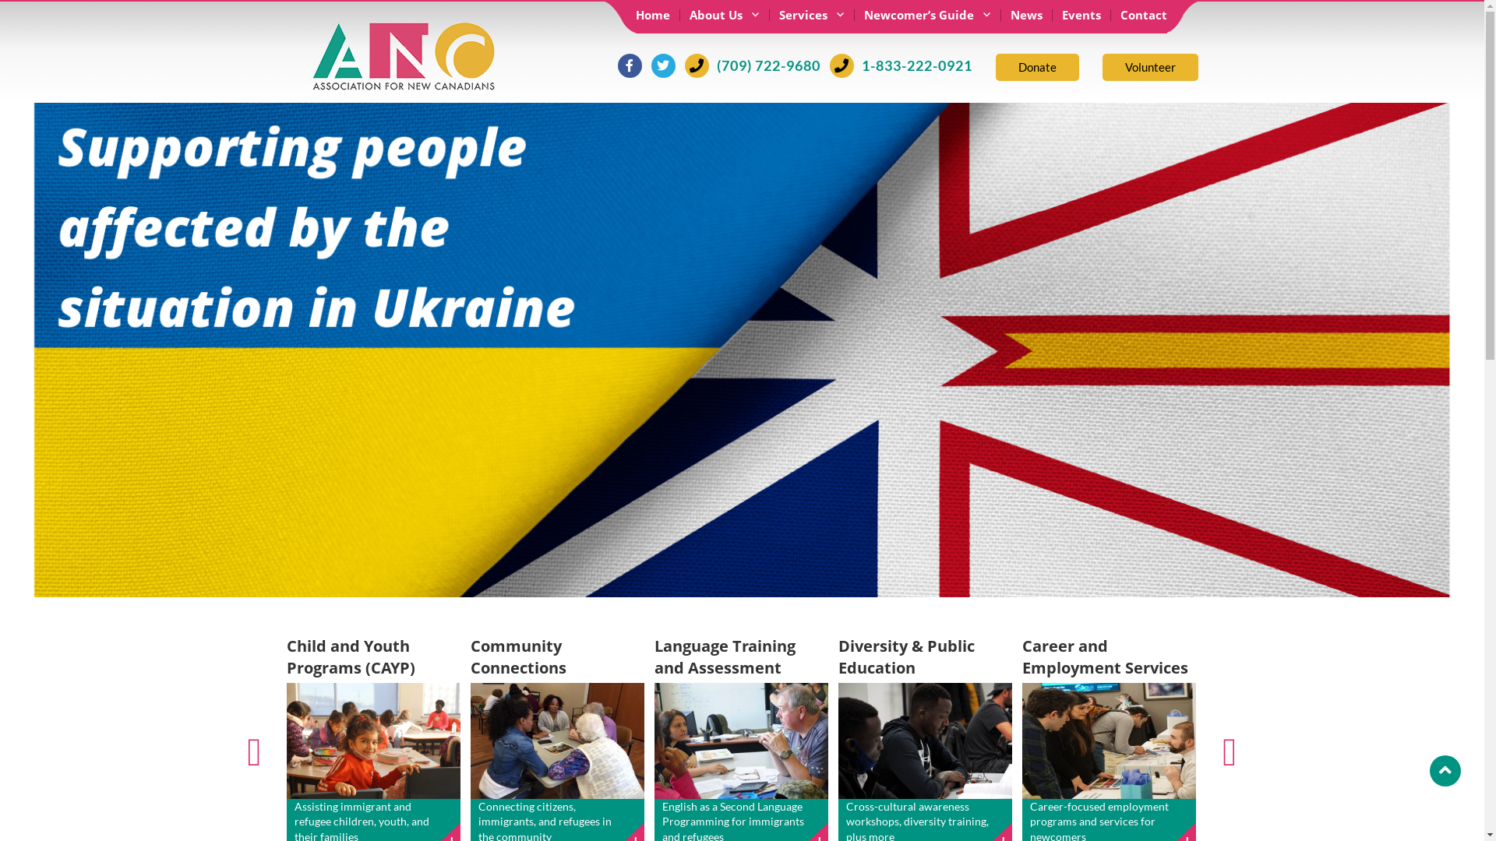 The image size is (1496, 841). Describe the element at coordinates (518, 656) in the screenshot. I see `'Community Connections'` at that location.